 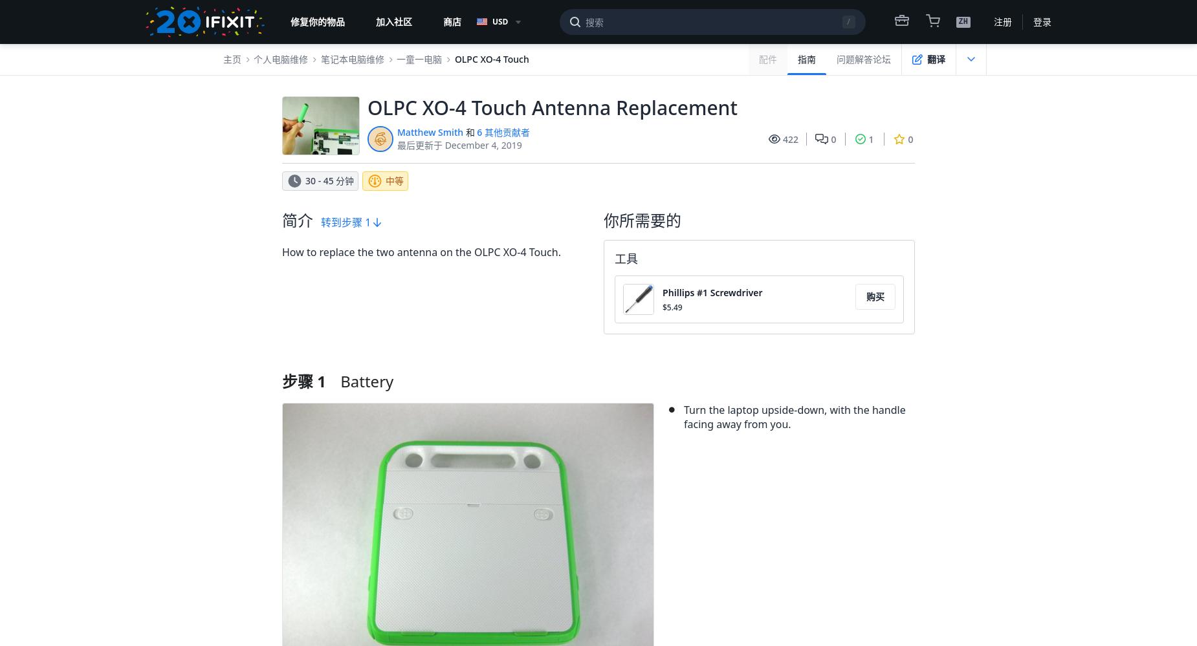 What do you see at coordinates (430, 131) in the screenshot?
I see `'Matthew Smith'` at bounding box center [430, 131].